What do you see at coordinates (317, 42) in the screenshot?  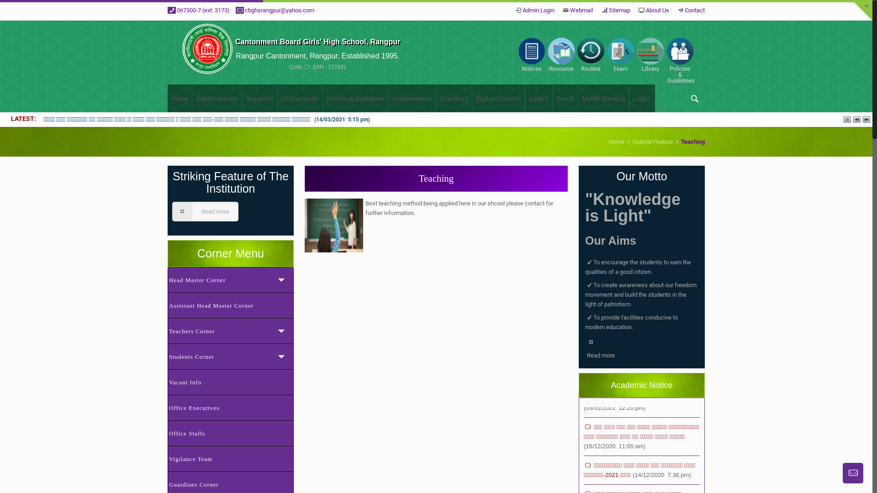 I see `'Cantonment Board Girls' High School, Rangpur'` at bounding box center [317, 42].